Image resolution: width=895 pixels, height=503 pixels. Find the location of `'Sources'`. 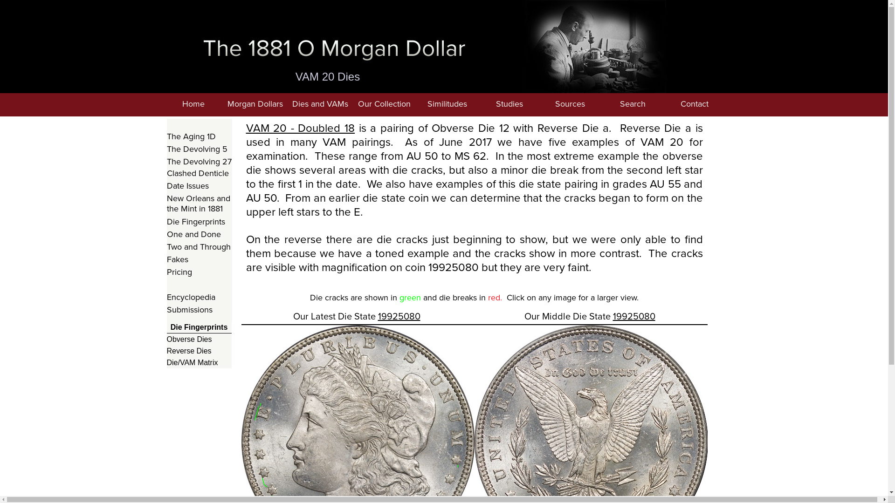

'Sources' is located at coordinates (569, 104).